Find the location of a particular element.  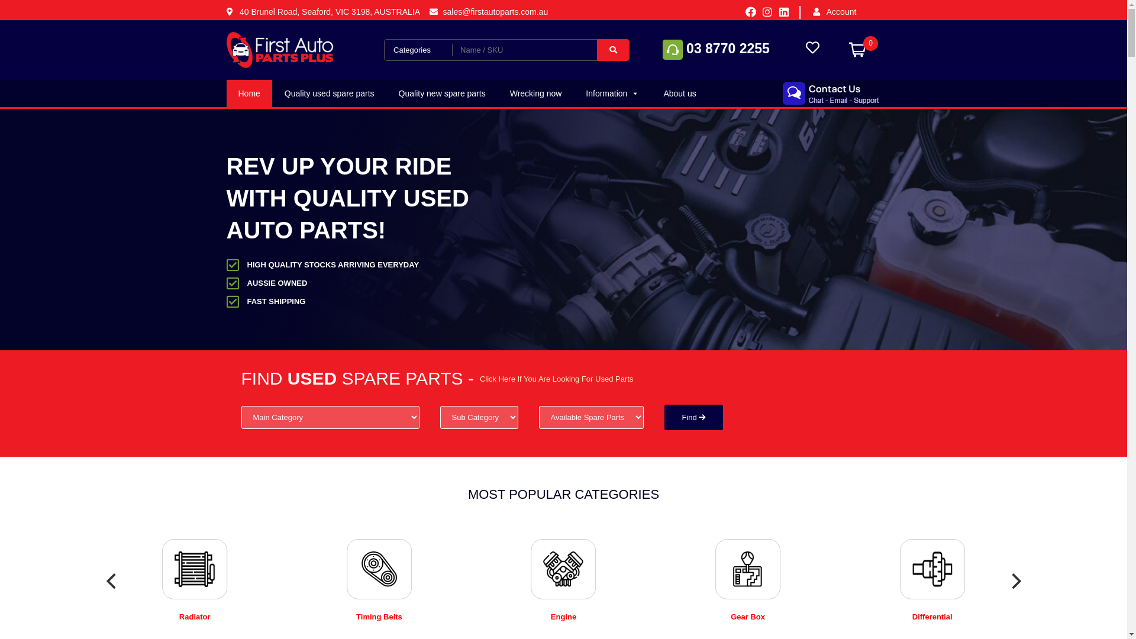

'Linkedin' is located at coordinates (783, 11).